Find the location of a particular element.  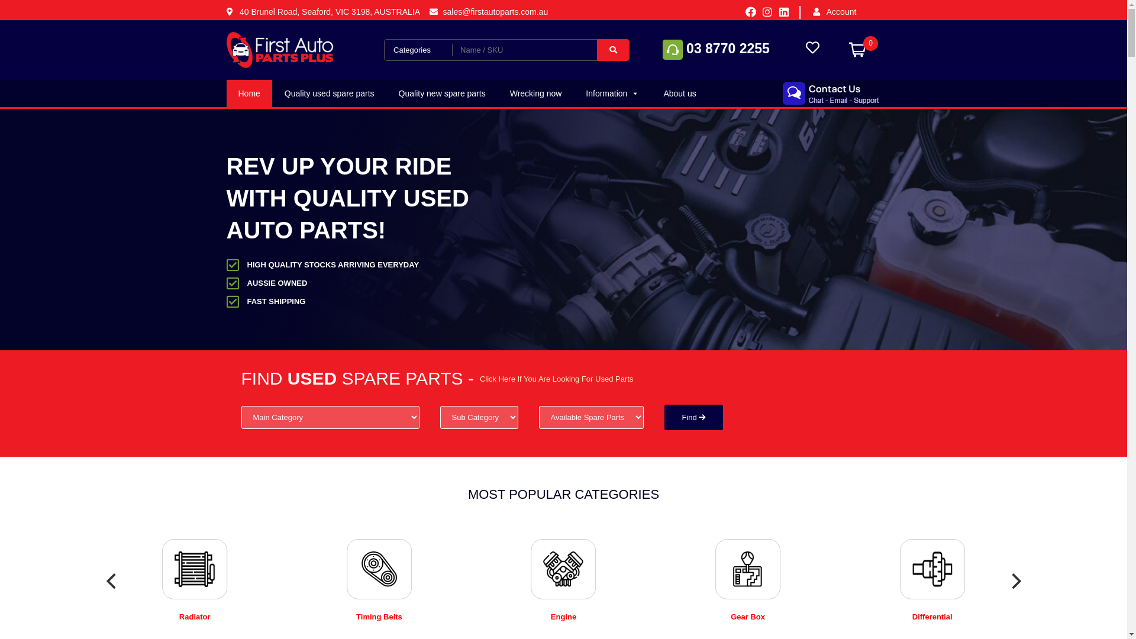

'Linkedin' is located at coordinates (783, 11).